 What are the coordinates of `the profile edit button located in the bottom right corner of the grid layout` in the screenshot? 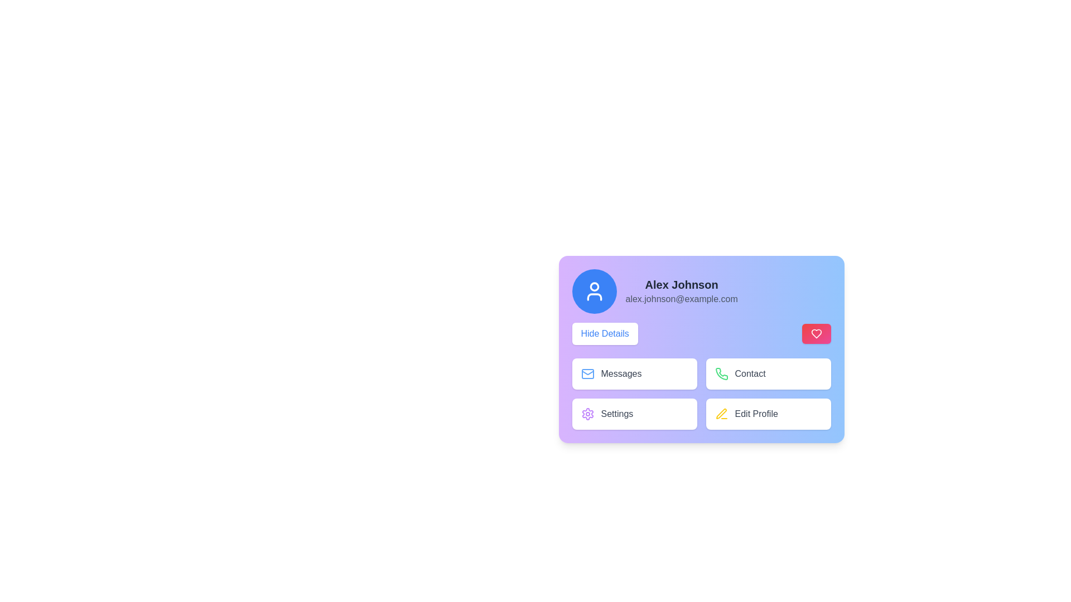 It's located at (768, 414).